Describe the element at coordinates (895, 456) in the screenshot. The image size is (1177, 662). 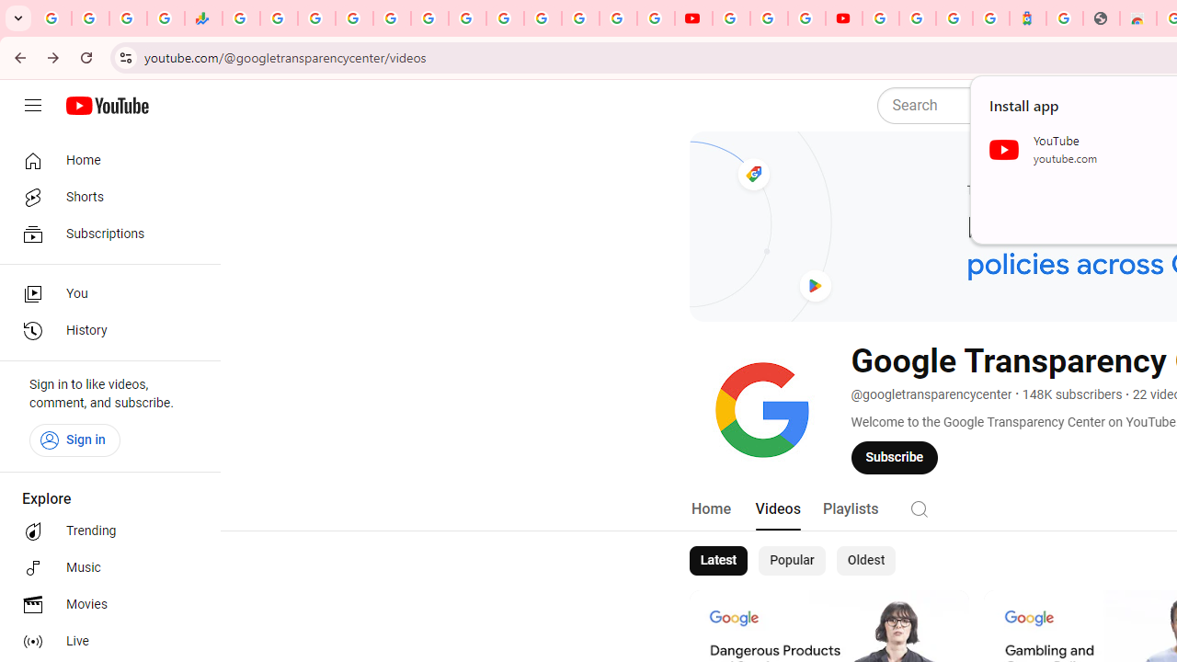
I see `'Subscribe'` at that location.